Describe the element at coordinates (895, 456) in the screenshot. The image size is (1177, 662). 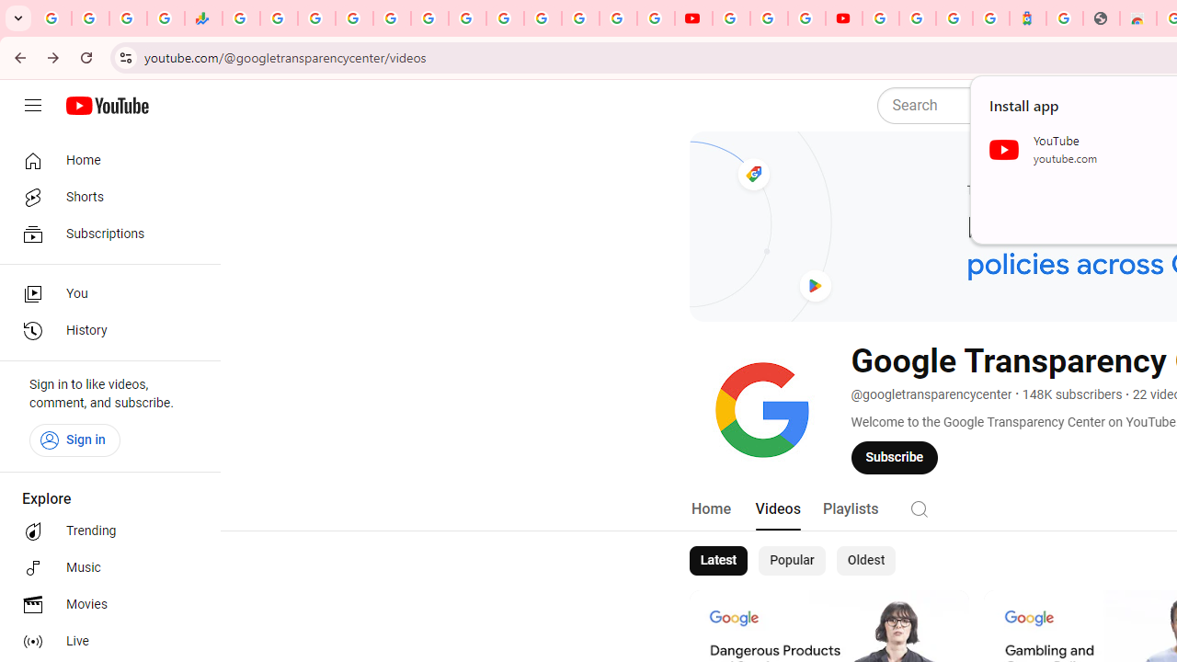
I see `'Subscribe'` at that location.